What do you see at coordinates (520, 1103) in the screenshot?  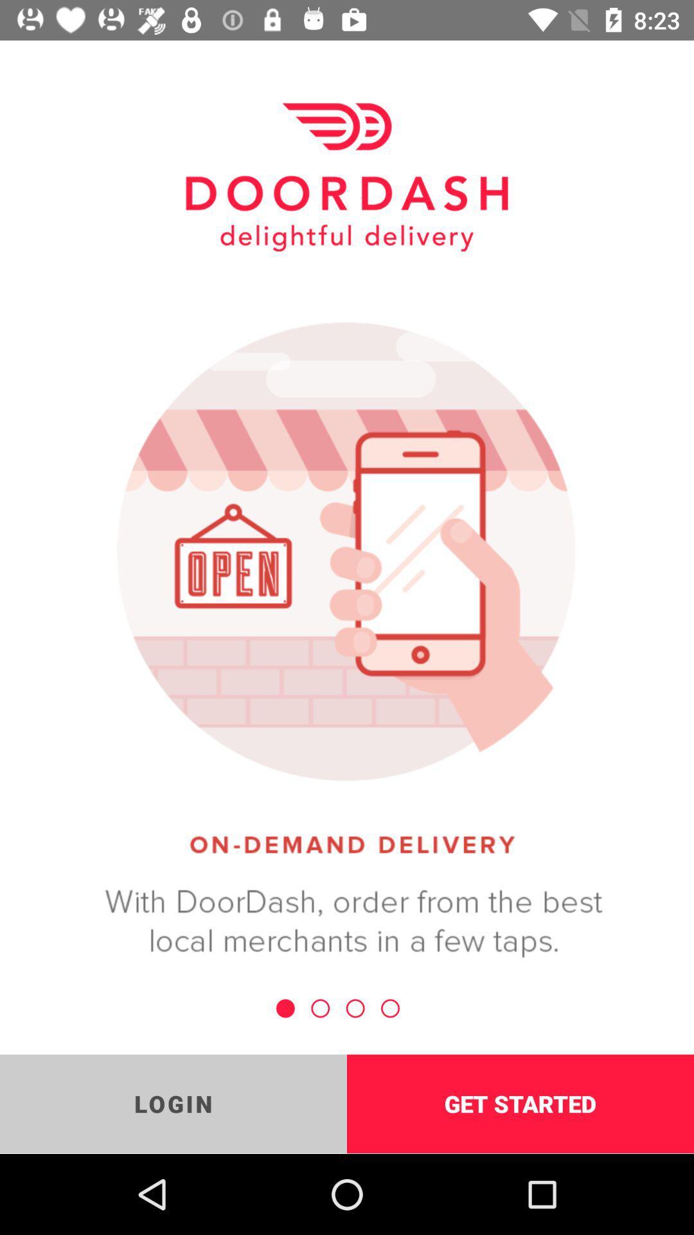 I see `the item next to login` at bounding box center [520, 1103].